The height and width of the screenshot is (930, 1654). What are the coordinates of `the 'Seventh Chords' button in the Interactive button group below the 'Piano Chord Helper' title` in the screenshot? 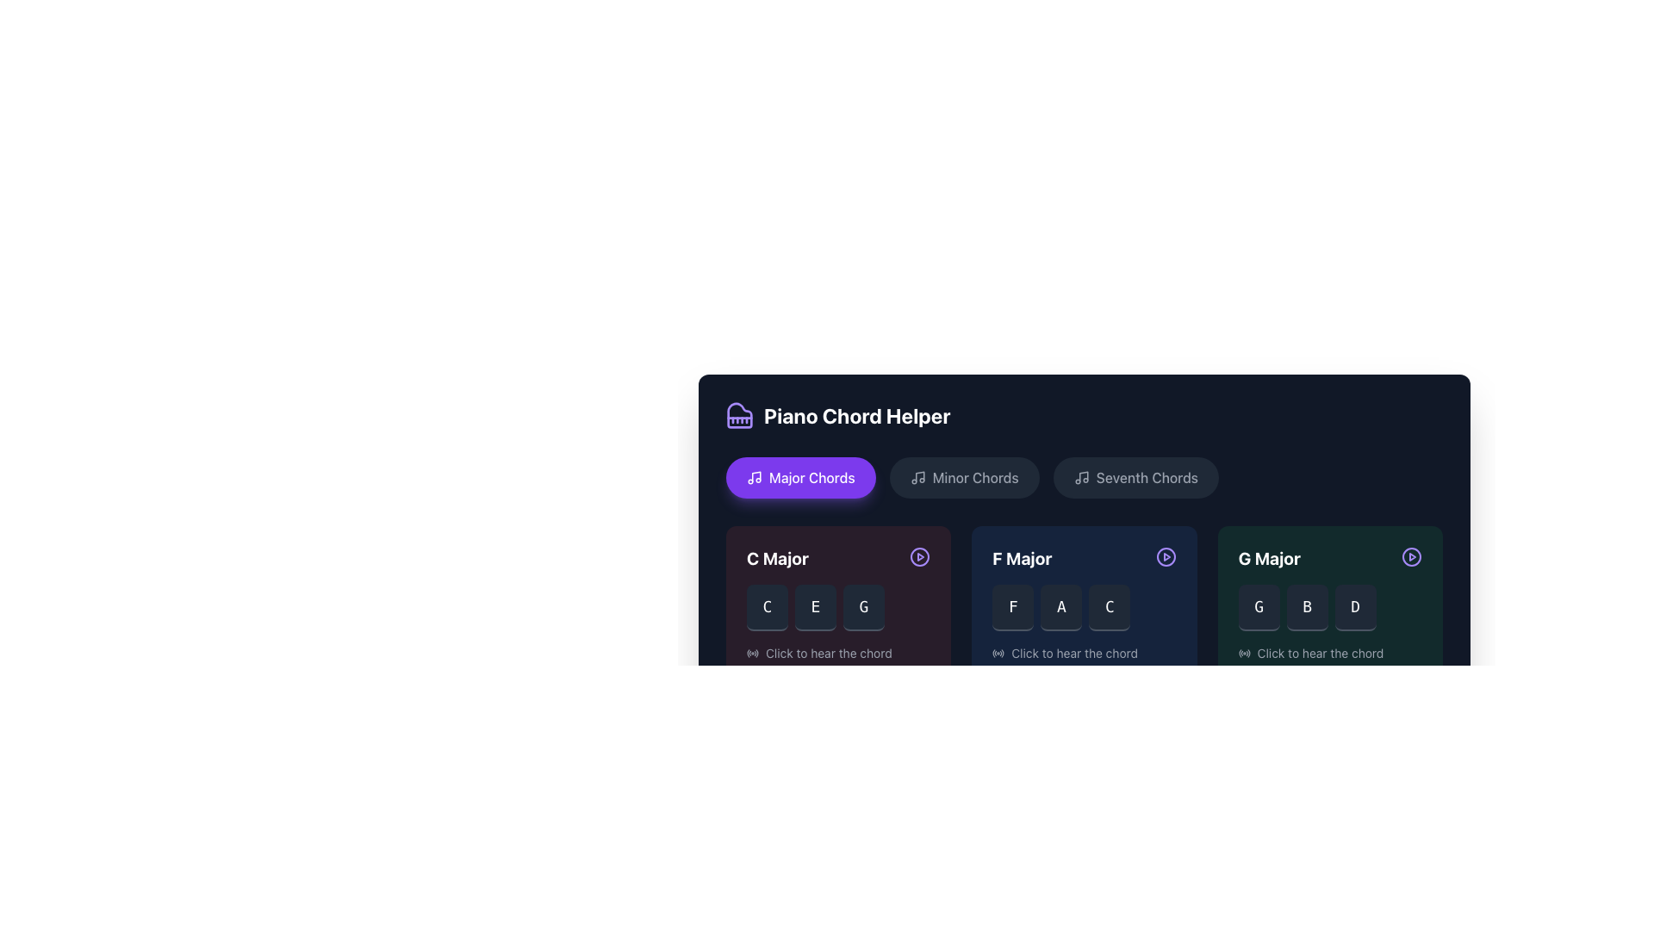 It's located at (1083, 478).